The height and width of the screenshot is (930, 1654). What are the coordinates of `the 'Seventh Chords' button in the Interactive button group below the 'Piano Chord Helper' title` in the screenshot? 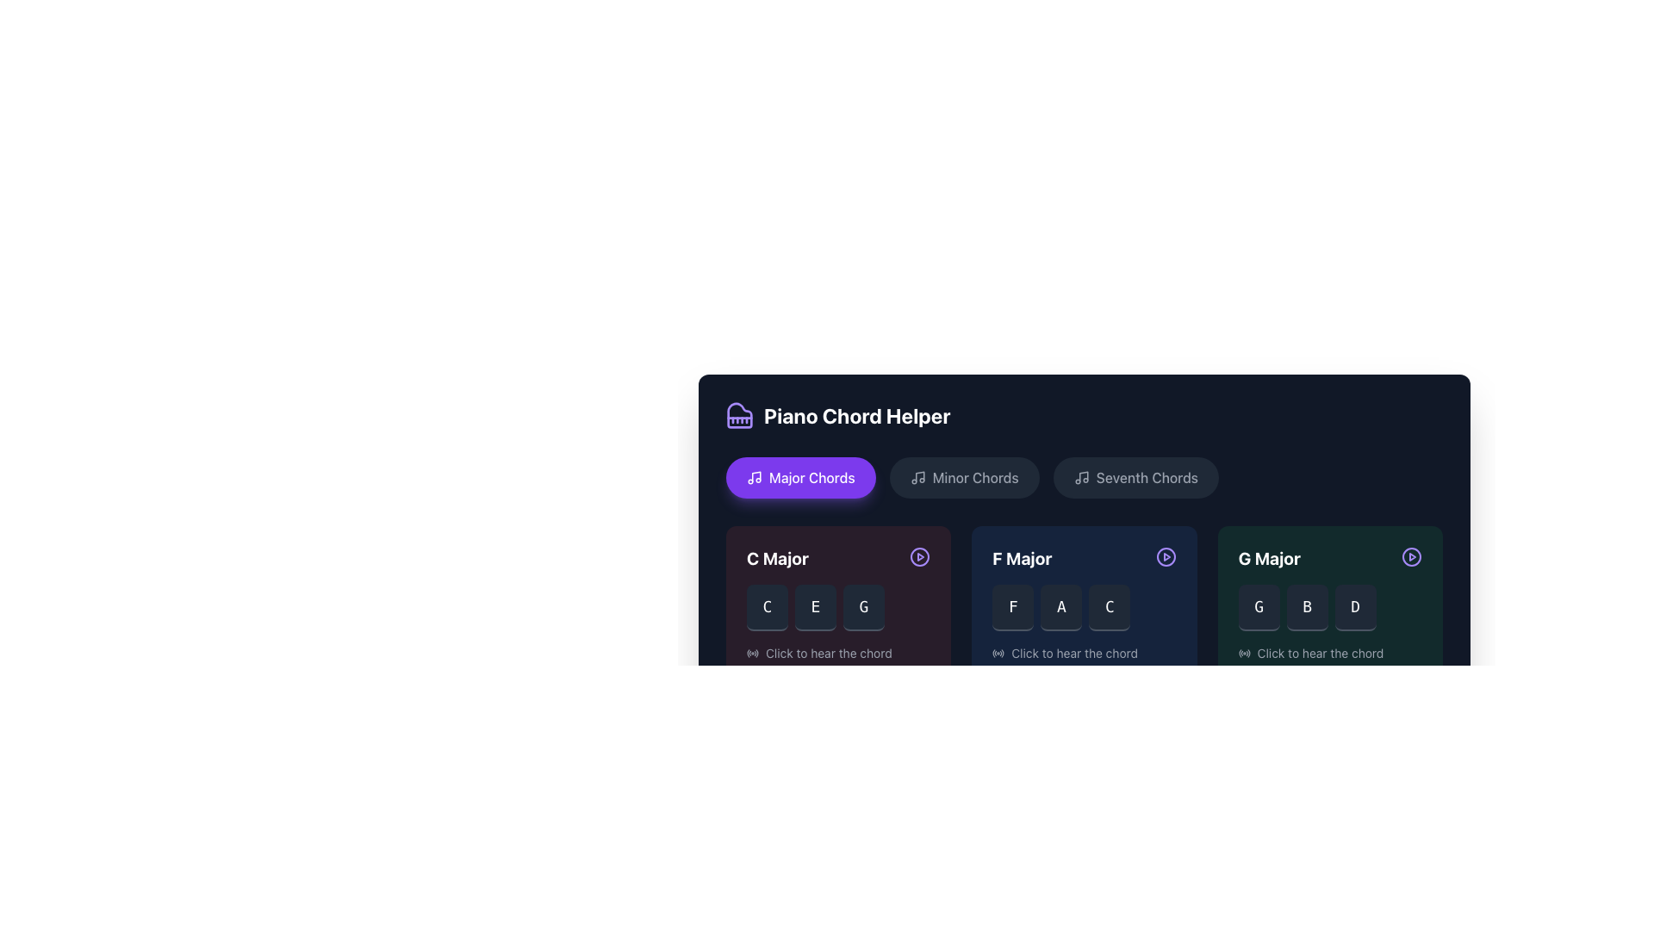 It's located at (1083, 478).